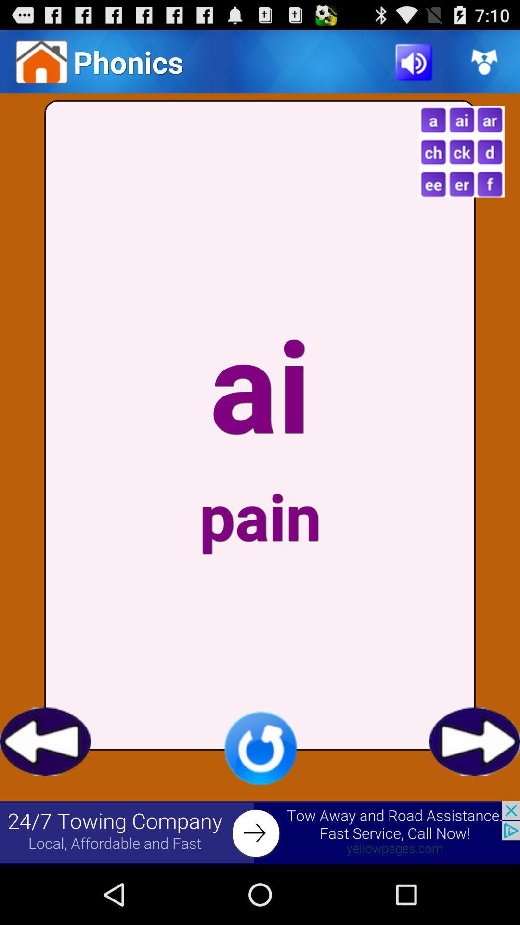 The width and height of the screenshot is (520, 925). Describe the element at coordinates (260, 747) in the screenshot. I see `redo` at that location.